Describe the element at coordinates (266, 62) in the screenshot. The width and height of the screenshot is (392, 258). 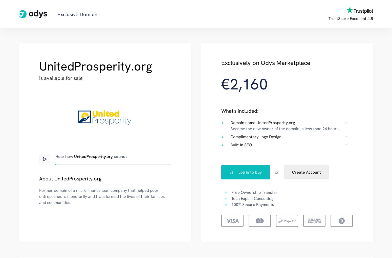
I see `'Exclusively on Odys Marketplace'` at that location.